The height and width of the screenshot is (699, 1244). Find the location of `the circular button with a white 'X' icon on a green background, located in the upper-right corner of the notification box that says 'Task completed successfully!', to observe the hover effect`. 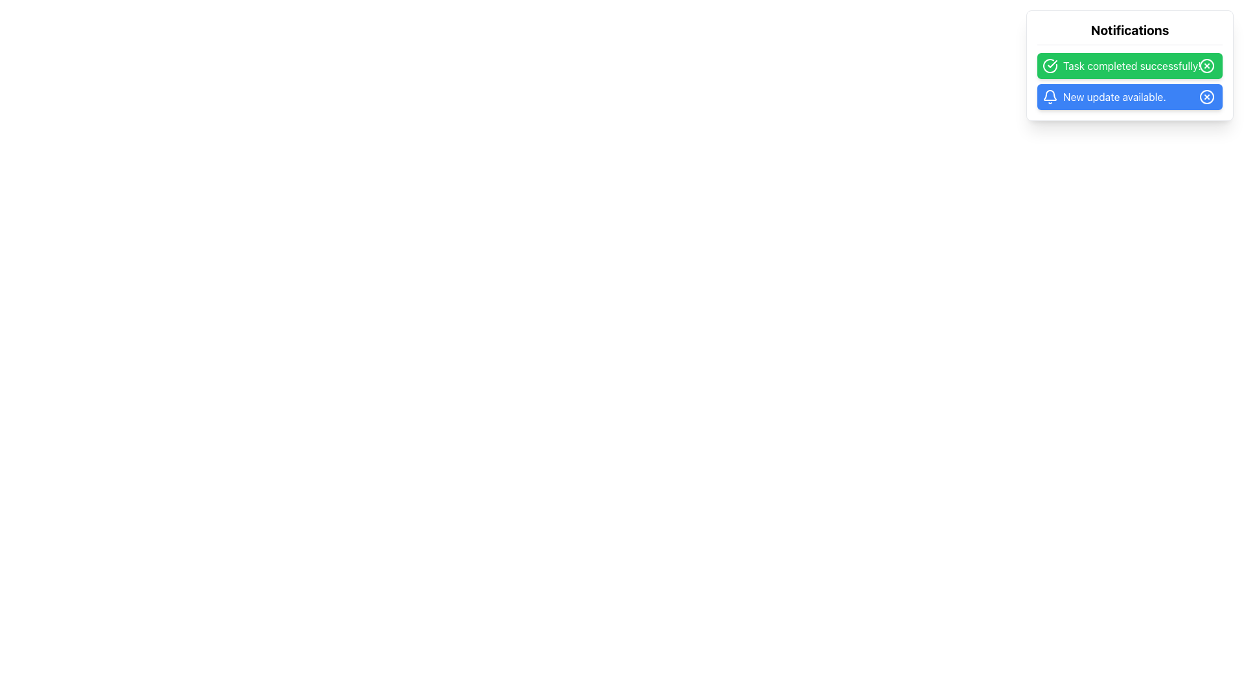

the circular button with a white 'X' icon on a green background, located in the upper-right corner of the notification box that says 'Task completed successfully!', to observe the hover effect is located at coordinates (1206, 65).